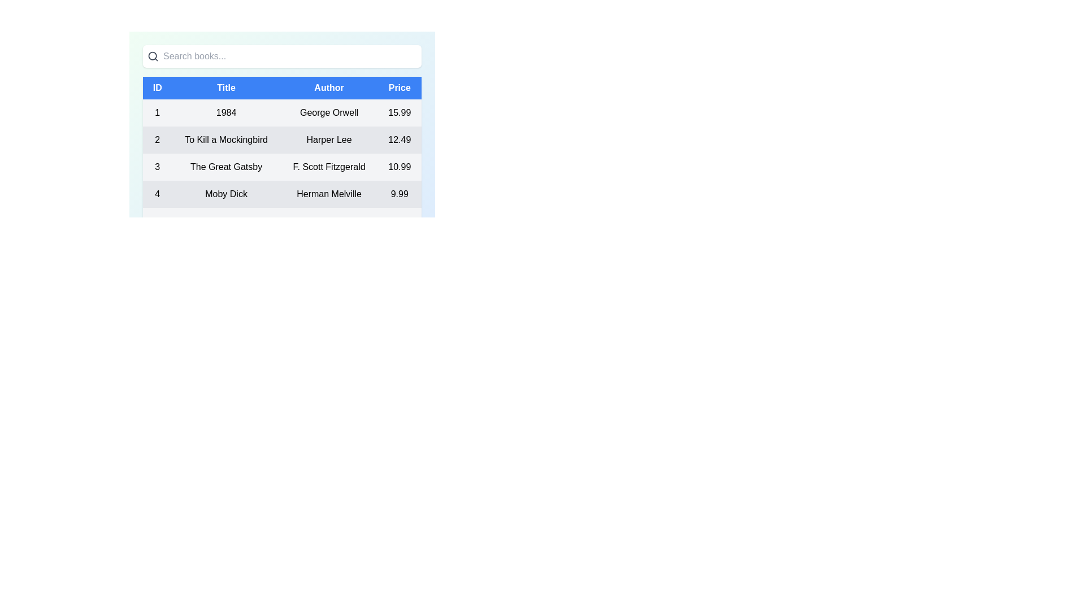  I want to click on the second row in the table containing the title 'To Kill a Mockingbird', so click(282, 139).